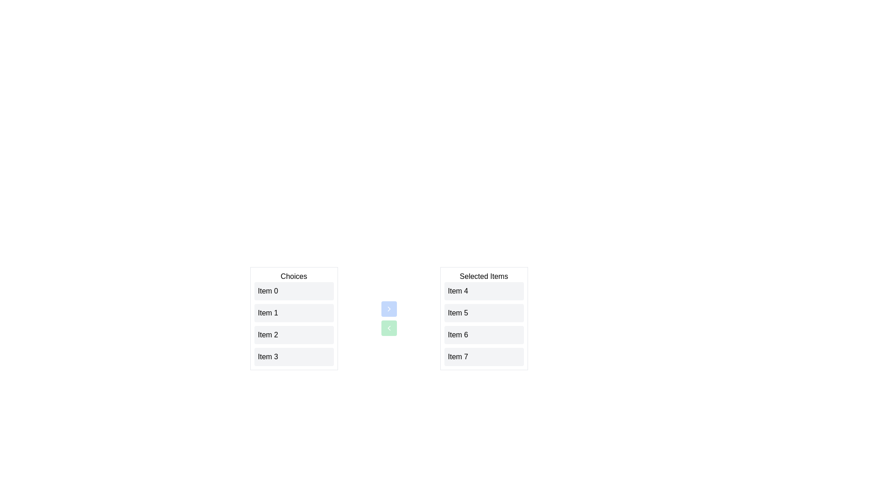 This screenshot has height=493, width=877. Describe the element at coordinates (458, 335) in the screenshot. I see `the text label displaying 'Item 6' which is located in the 'Selected Items' list on the right panel of the interface` at that location.